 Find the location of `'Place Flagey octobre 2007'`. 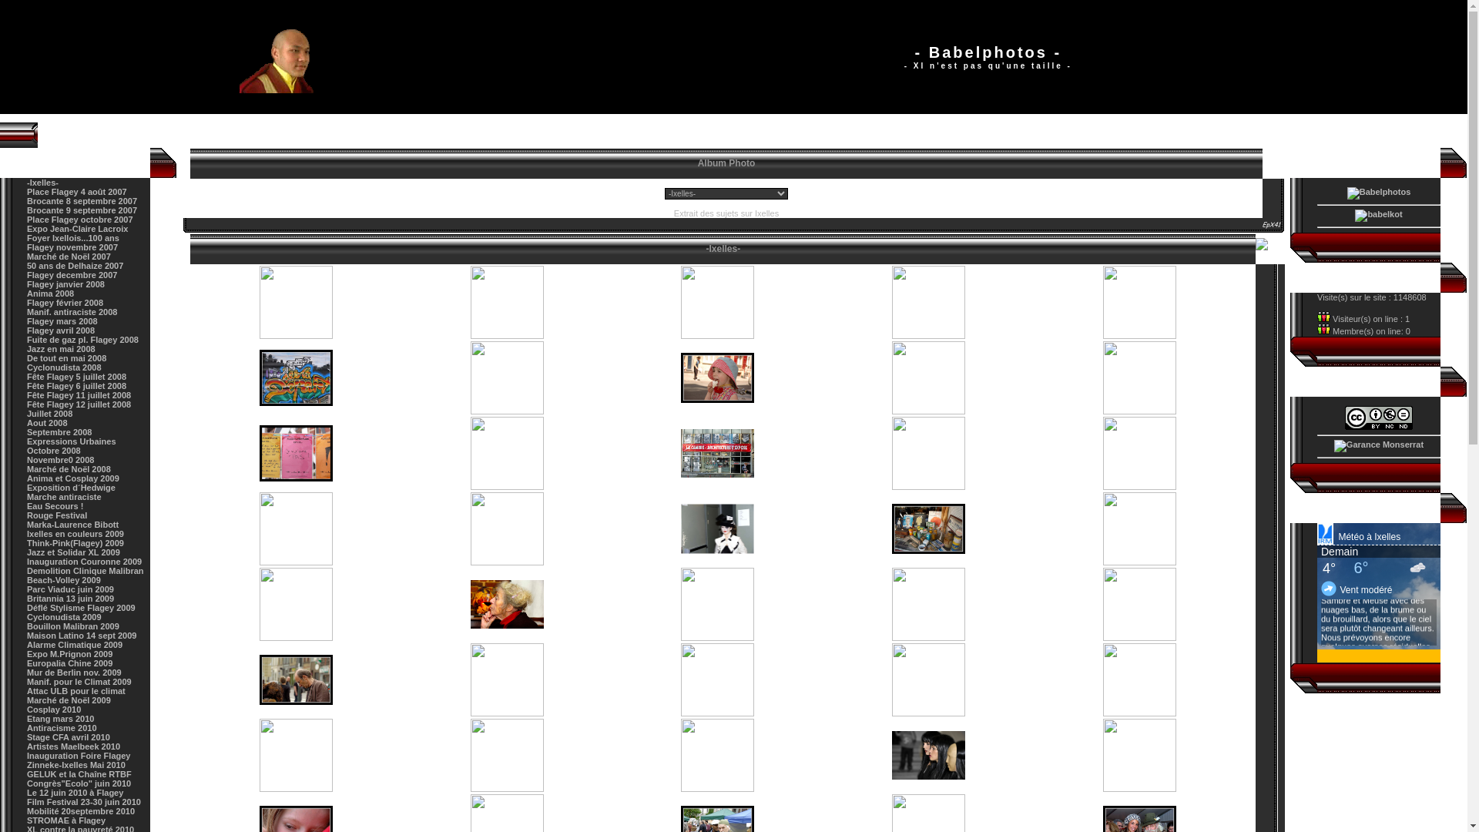

'Place Flagey octobre 2007' is located at coordinates (79, 220).